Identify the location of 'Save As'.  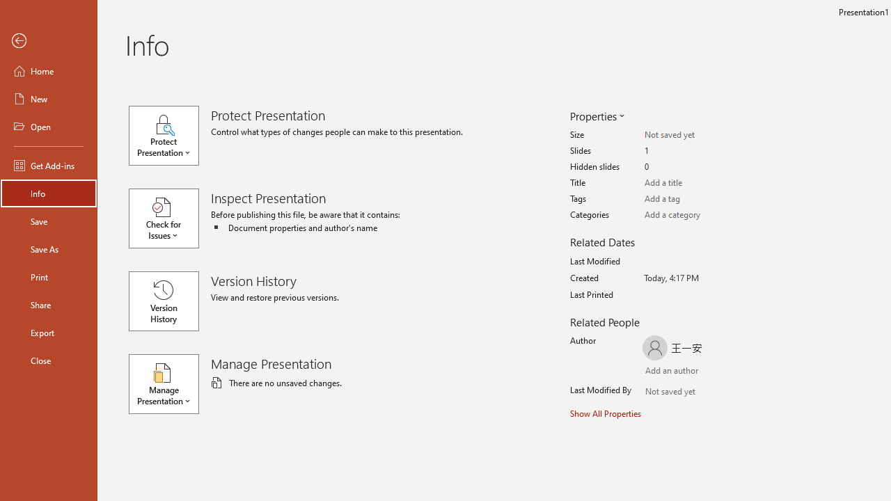
(48, 248).